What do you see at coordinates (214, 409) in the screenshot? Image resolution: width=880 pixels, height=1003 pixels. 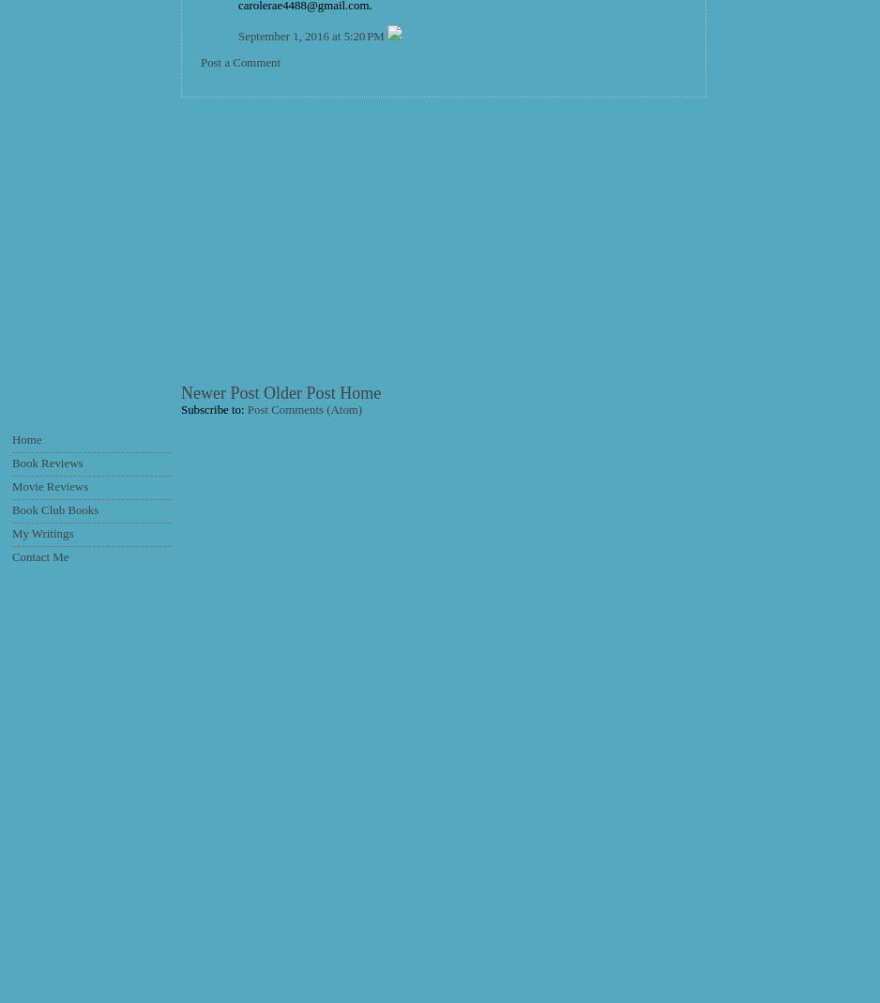 I see `'Subscribe to:'` at bounding box center [214, 409].